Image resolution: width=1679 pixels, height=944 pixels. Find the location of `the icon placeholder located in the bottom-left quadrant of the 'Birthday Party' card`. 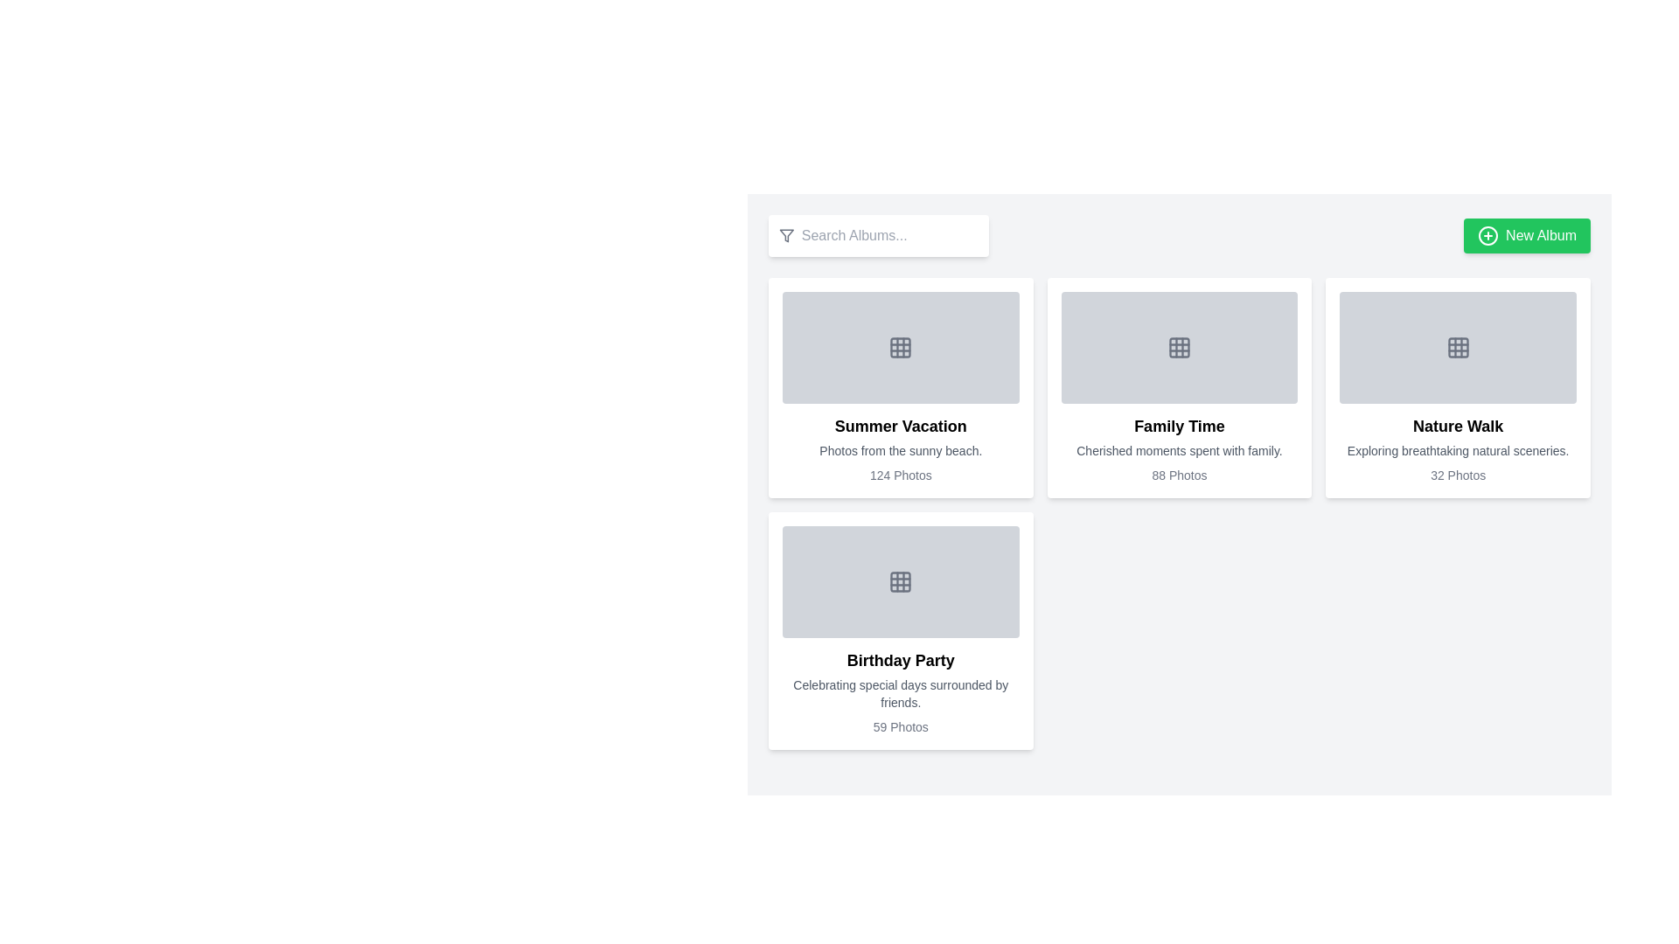

the icon placeholder located in the bottom-left quadrant of the 'Birthday Party' card is located at coordinates (901, 582).